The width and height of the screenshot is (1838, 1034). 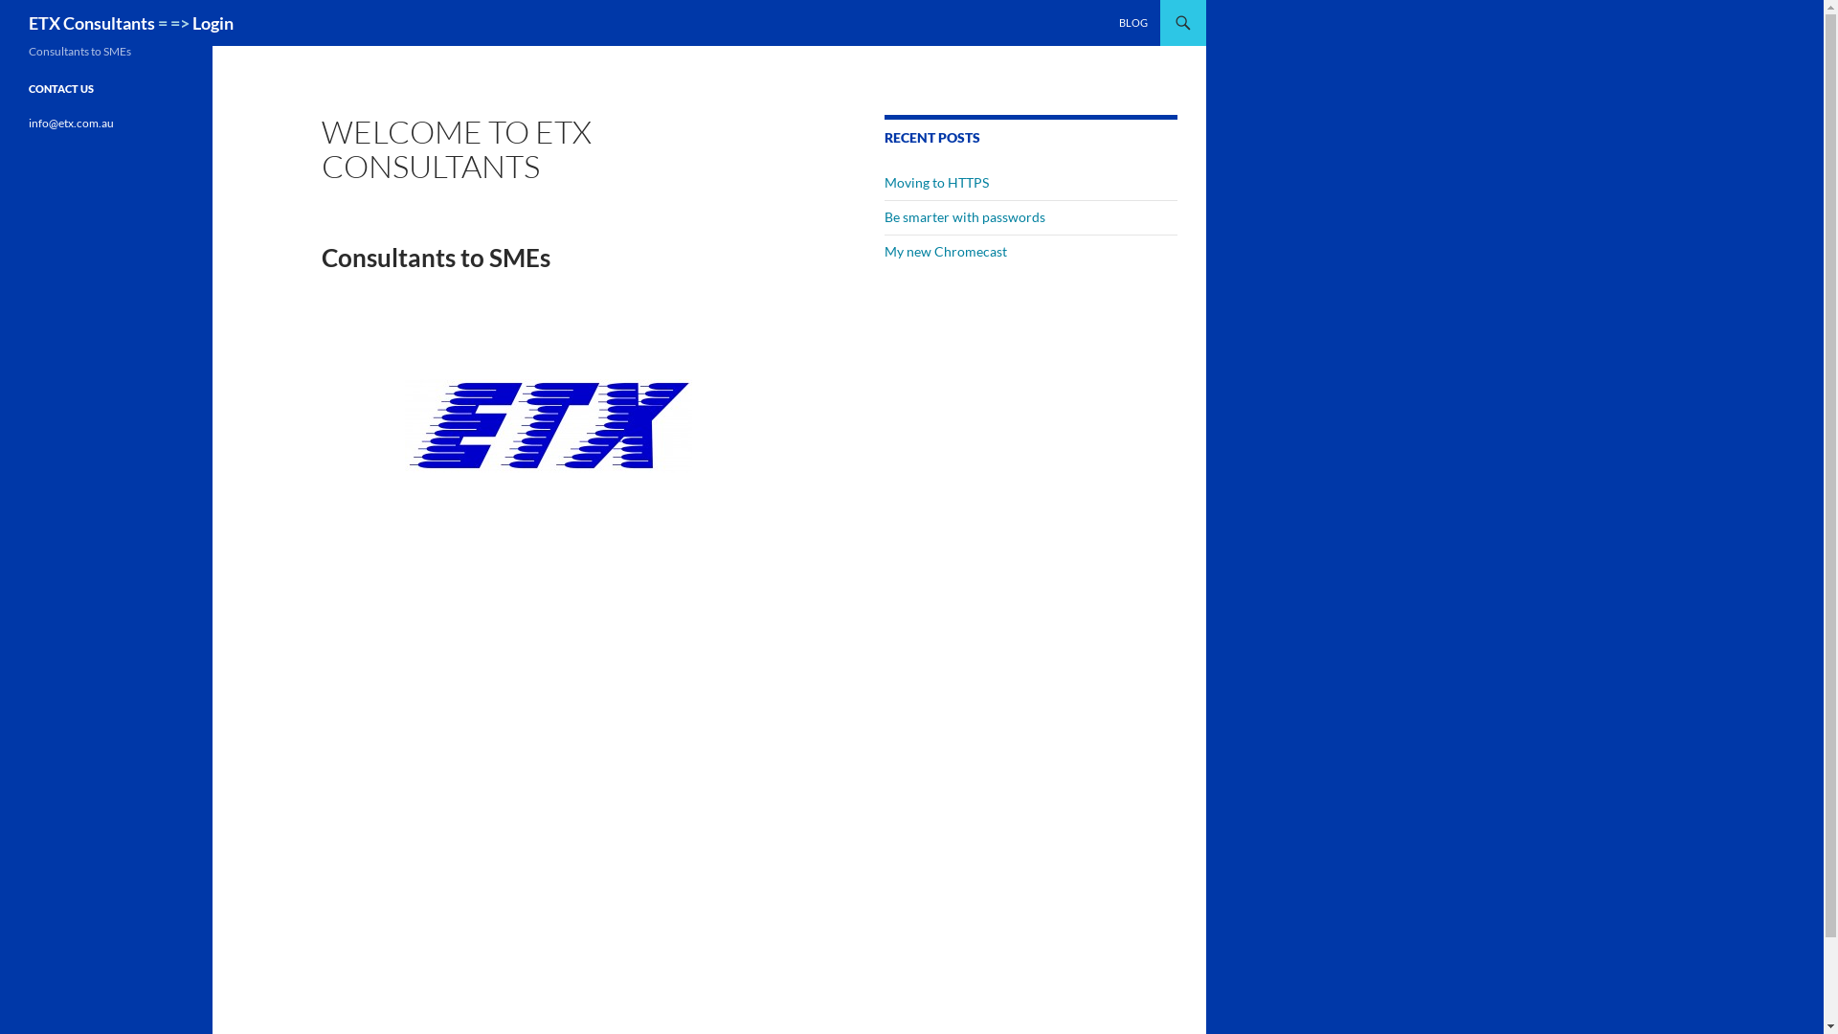 What do you see at coordinates (884, 250) in the screenshot?
I see `'My new Chromecast'` at bounding box center [884, 250].